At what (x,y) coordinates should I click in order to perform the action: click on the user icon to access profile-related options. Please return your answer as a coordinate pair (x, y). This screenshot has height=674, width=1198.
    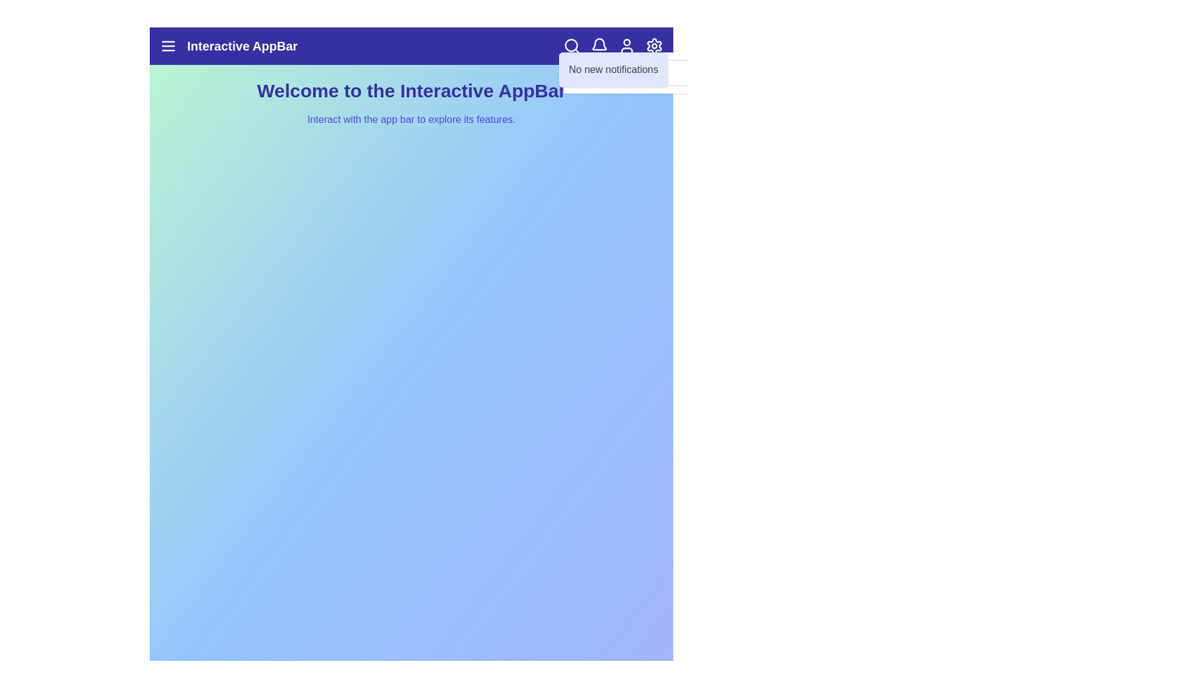
    Looking at the image, I should click on (626, 45).